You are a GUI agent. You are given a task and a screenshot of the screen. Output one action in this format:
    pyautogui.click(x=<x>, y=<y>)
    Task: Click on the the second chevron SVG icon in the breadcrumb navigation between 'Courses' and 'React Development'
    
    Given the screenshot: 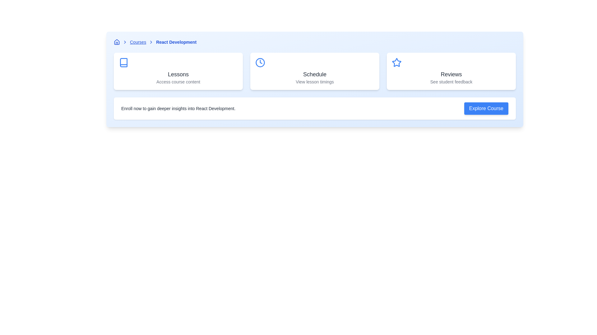 What is the action you would take?
    pyautogui.click(x=151, y=42)
    